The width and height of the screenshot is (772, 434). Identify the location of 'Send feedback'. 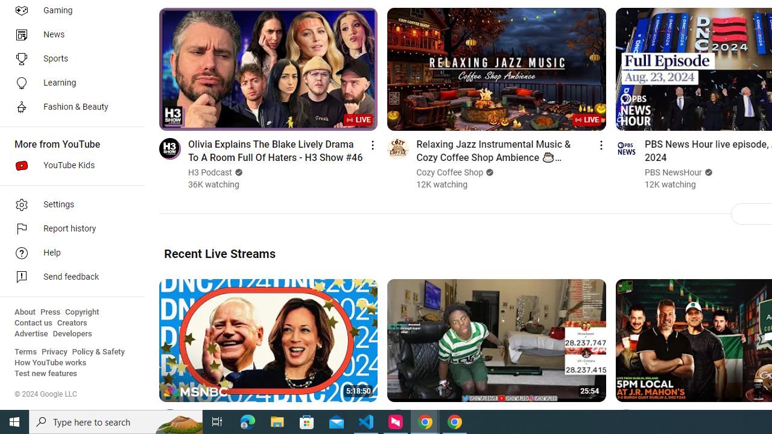
(68, 277).